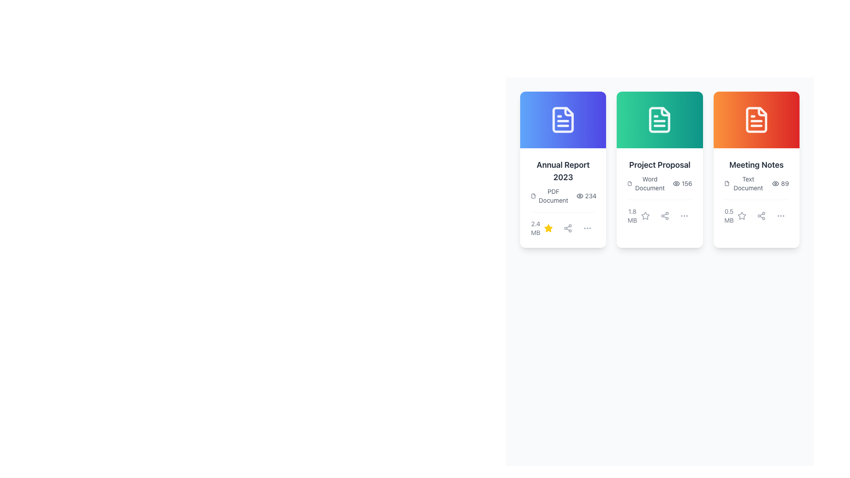 Image resolution: width=850 pixels, height=478 pixels. I want to click on the file icon representing a document located in the header area of the 'Project Proposal' card, so click(629, 183).